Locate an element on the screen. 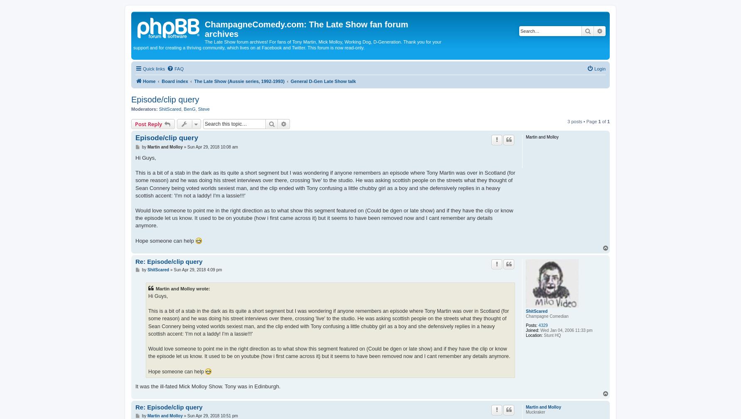 The image size is (741, 419). 'Home' is located at coordinates (142, 81).